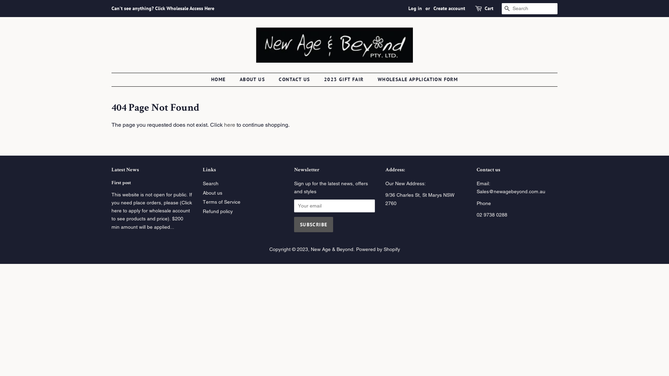  I want to click on 'Terms of Service', so click(221, 202).